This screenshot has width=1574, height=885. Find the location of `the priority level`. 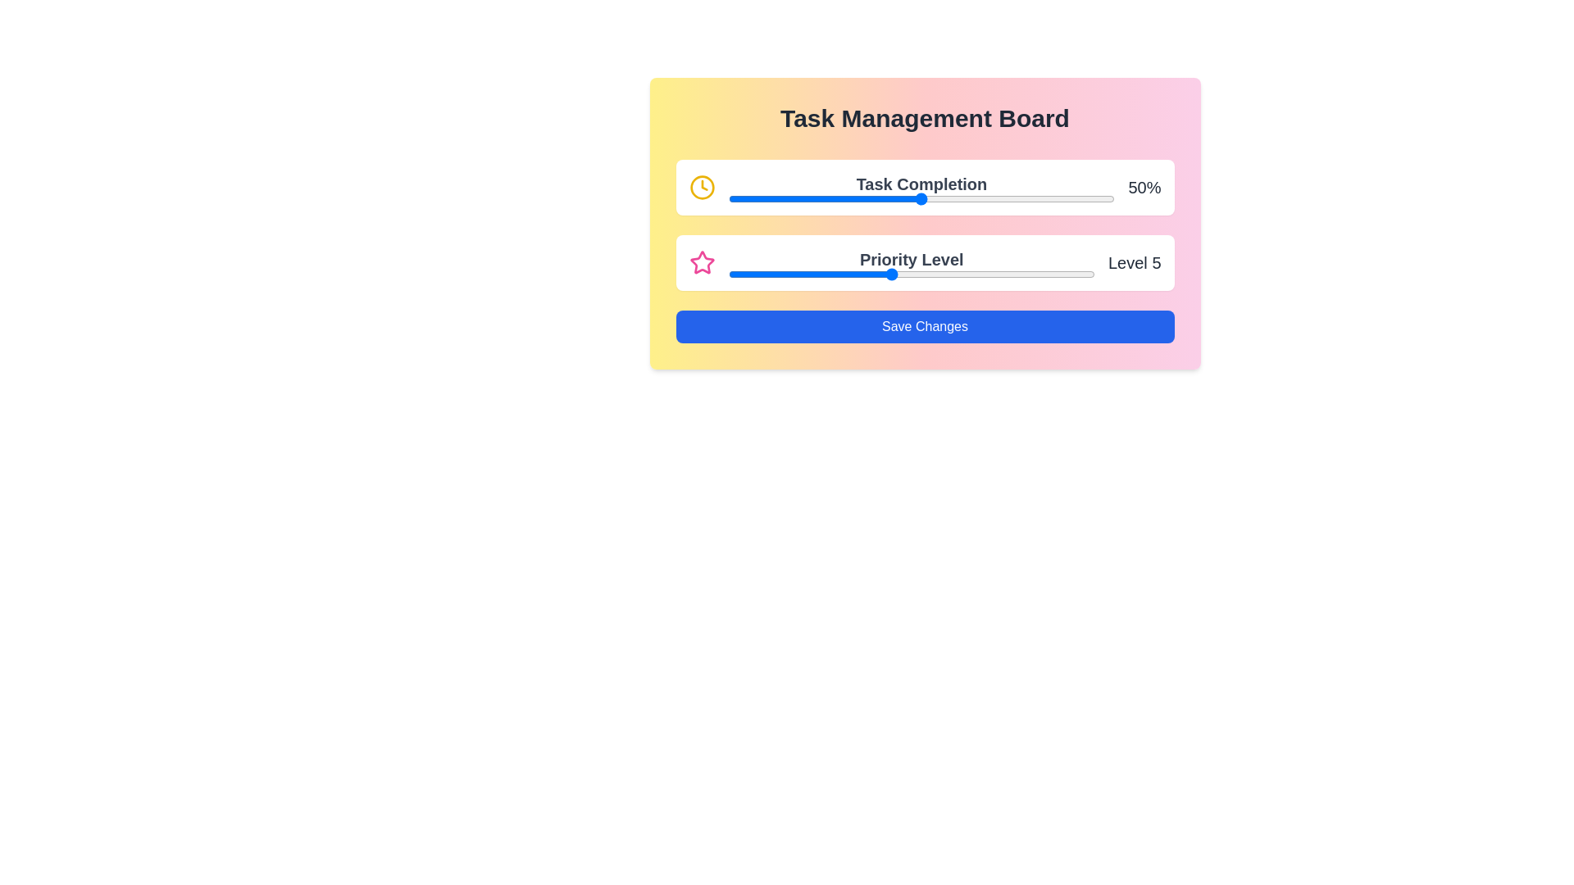

the priority level is located at coordinates (768, 274).